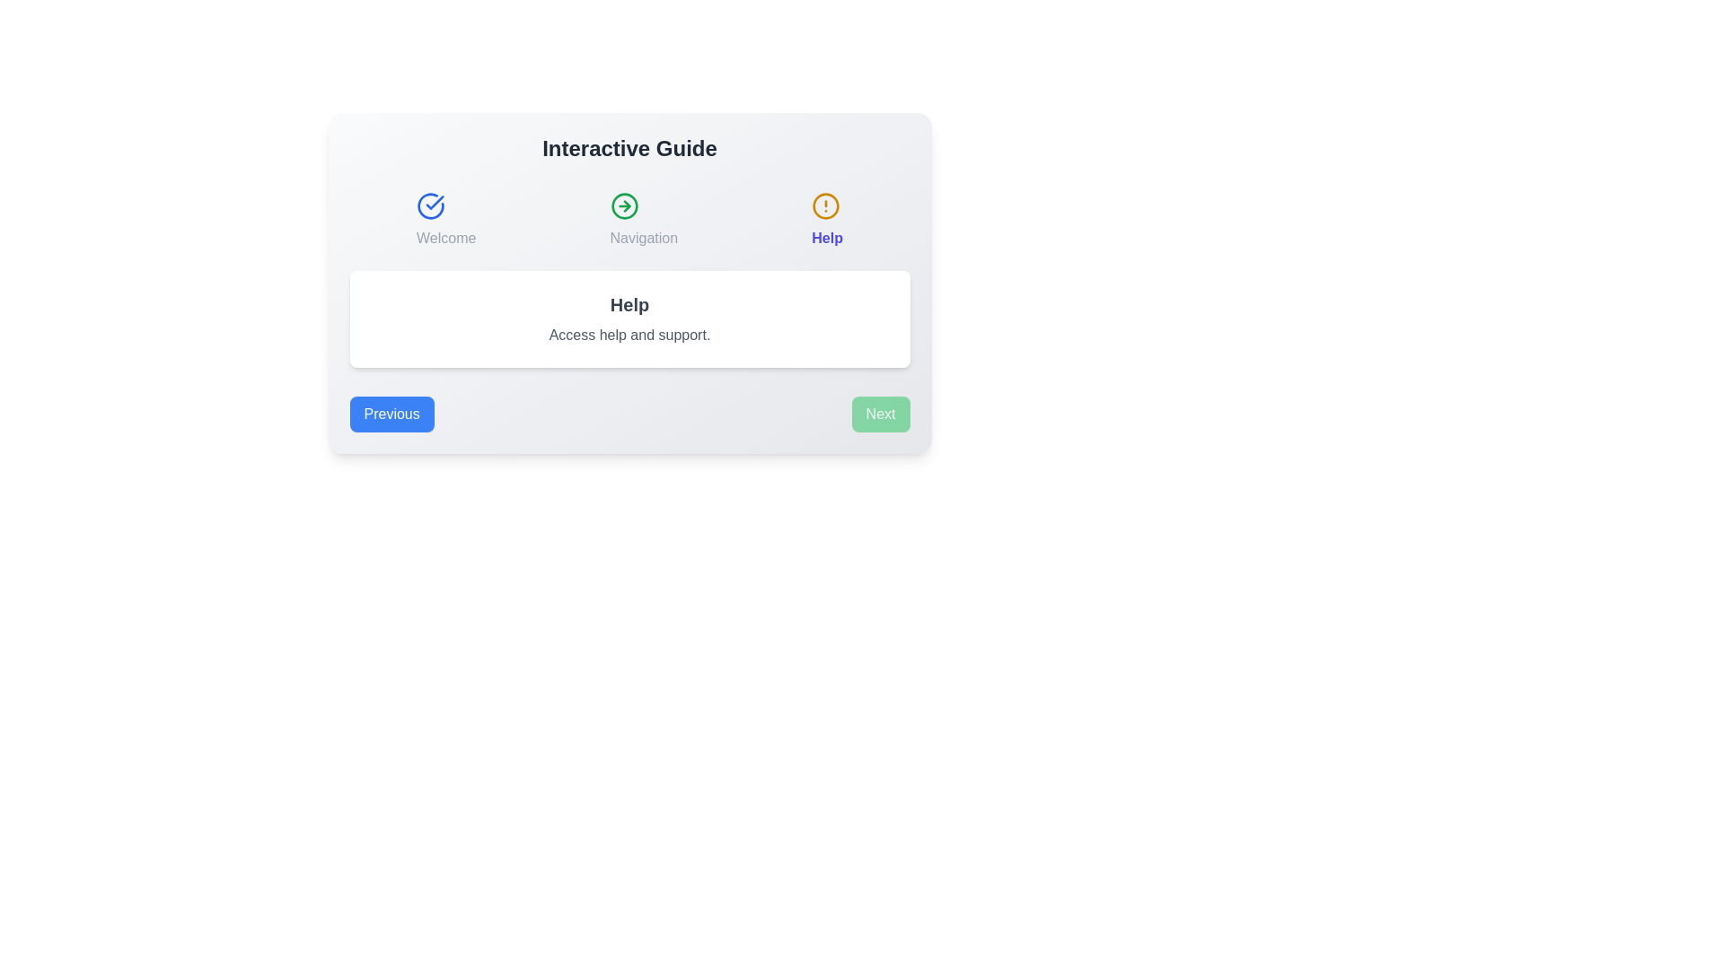 The height and width of the screenshot is (969, 1724). Describe the element at coordinates (825, 205) in the screenshot. I see `the help indicator icon located in the interface header section, positioned to the right of 'Navigation' and above 'Help'` at that location.